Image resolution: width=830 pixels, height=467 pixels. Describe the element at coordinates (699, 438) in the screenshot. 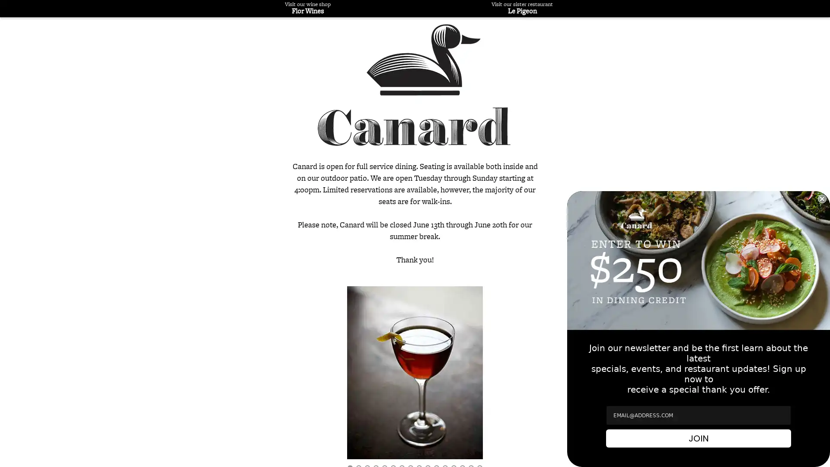

I see `JOIN` at that location.